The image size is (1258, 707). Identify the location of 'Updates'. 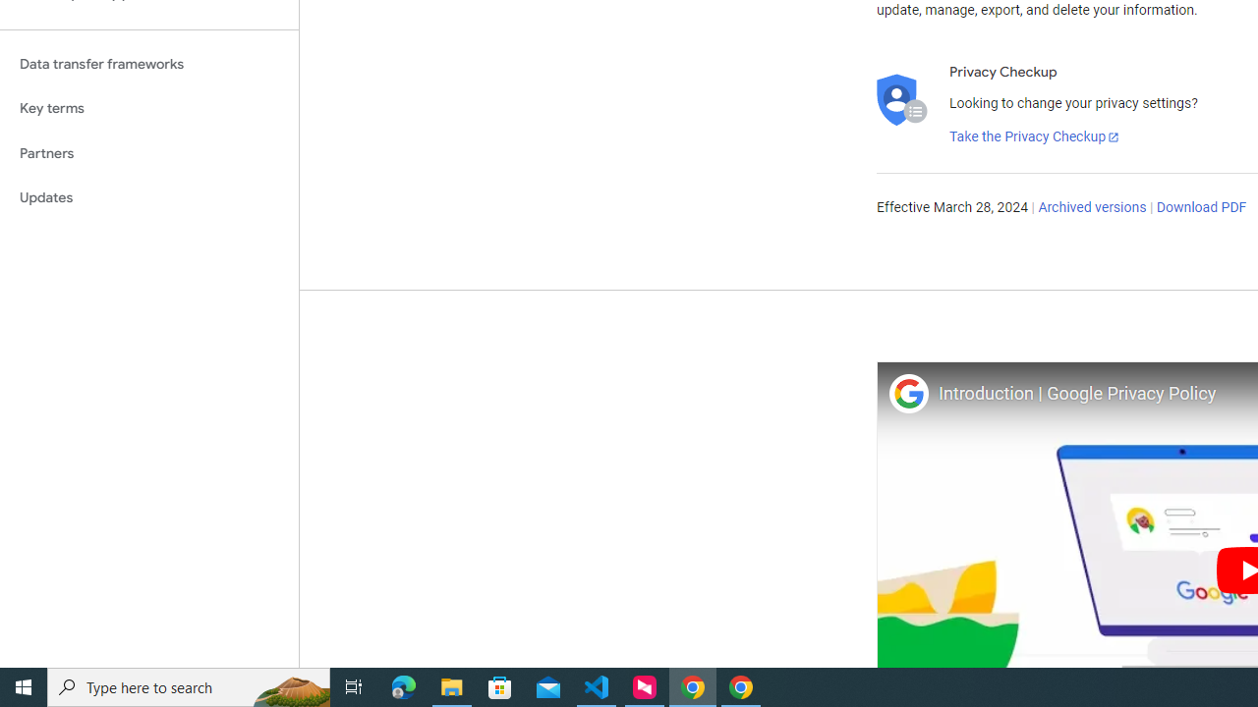
(148, 197).